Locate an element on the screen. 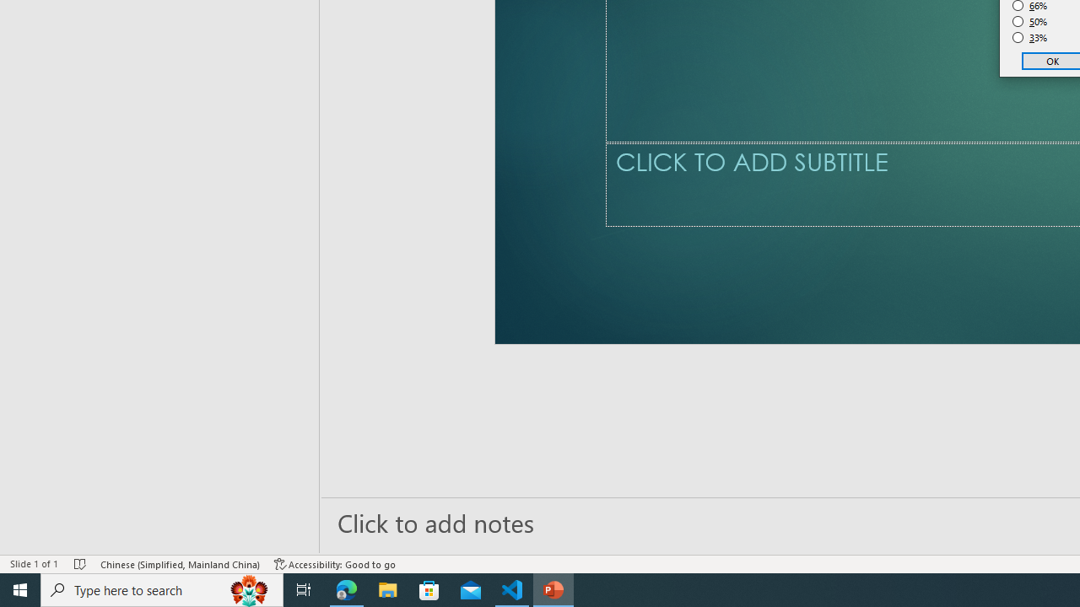 The image size is (1080, 607). '50%' is located at coordinates (1029, 21).